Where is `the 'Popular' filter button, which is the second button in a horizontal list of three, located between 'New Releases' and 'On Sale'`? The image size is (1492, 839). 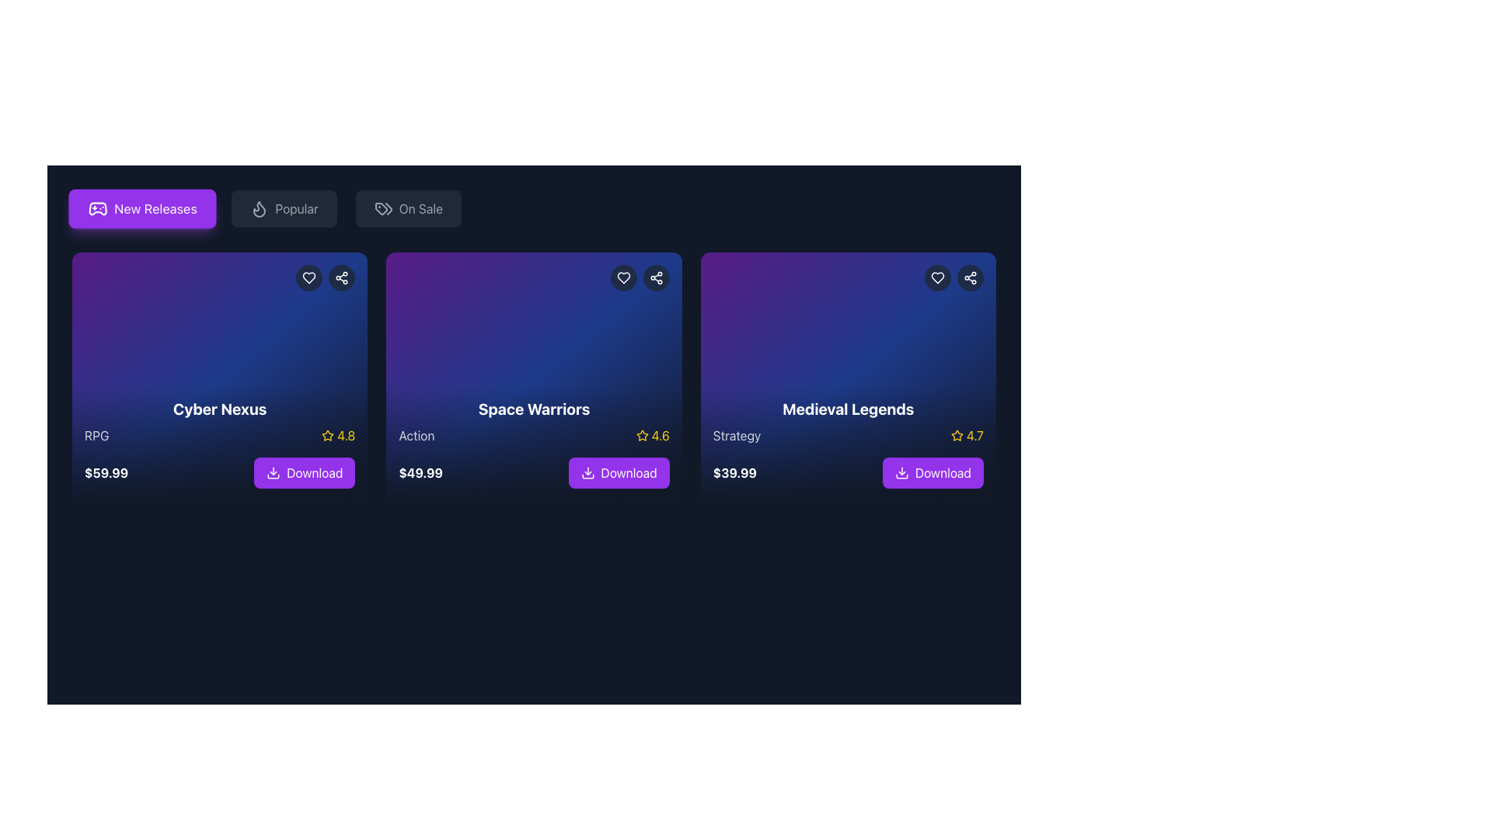 the 'Popular' filter button, which is the second button in a horizontal list of three, located between 'New Releases' and 'On Sale' is located at coordinates (284, 208).